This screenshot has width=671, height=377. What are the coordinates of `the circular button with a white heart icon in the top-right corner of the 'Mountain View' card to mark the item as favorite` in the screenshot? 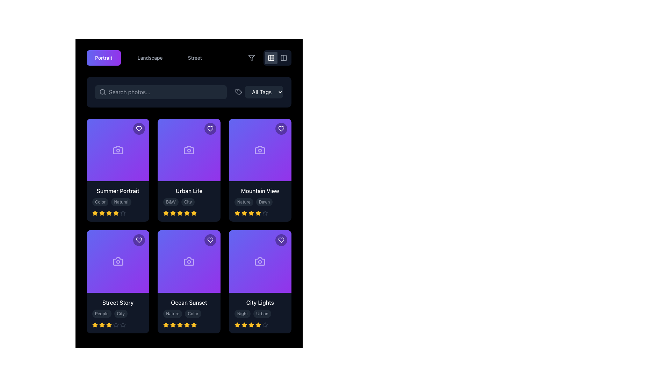 It's located at (281, 129).